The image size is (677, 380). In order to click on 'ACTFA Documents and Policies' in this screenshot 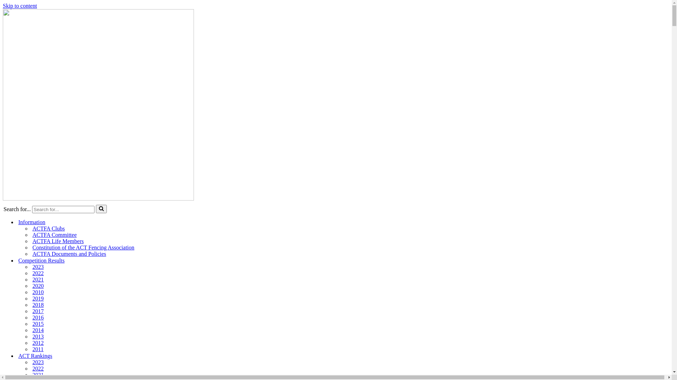, I will do `click(69, 254)`.